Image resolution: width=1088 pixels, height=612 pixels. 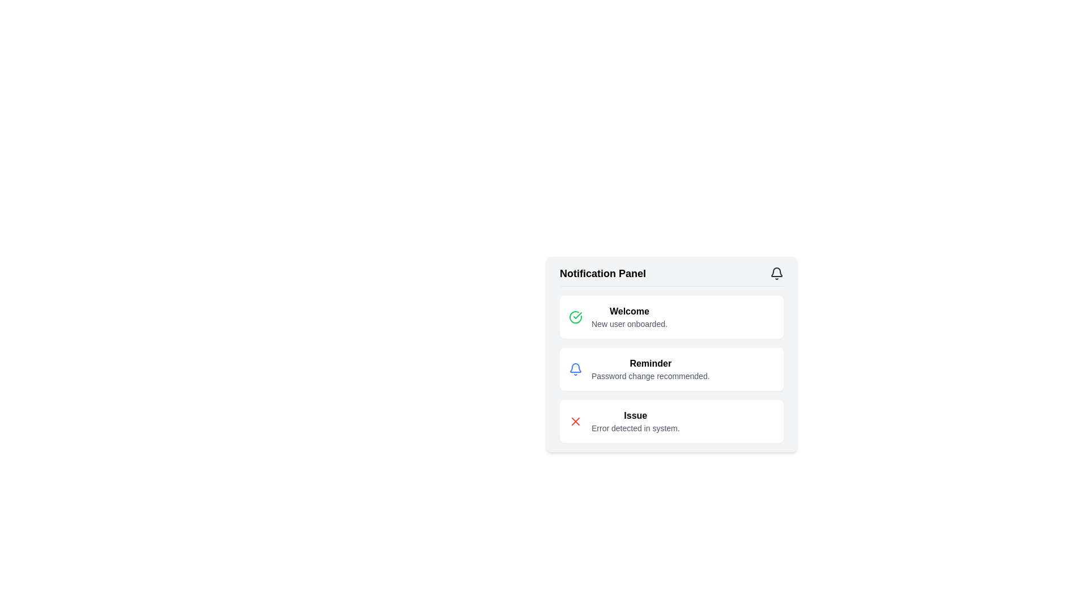 I want to click on the checkmark icon indicating success for the 'Welcome' notification in the Notification Panel, so click(x=577, y=315).